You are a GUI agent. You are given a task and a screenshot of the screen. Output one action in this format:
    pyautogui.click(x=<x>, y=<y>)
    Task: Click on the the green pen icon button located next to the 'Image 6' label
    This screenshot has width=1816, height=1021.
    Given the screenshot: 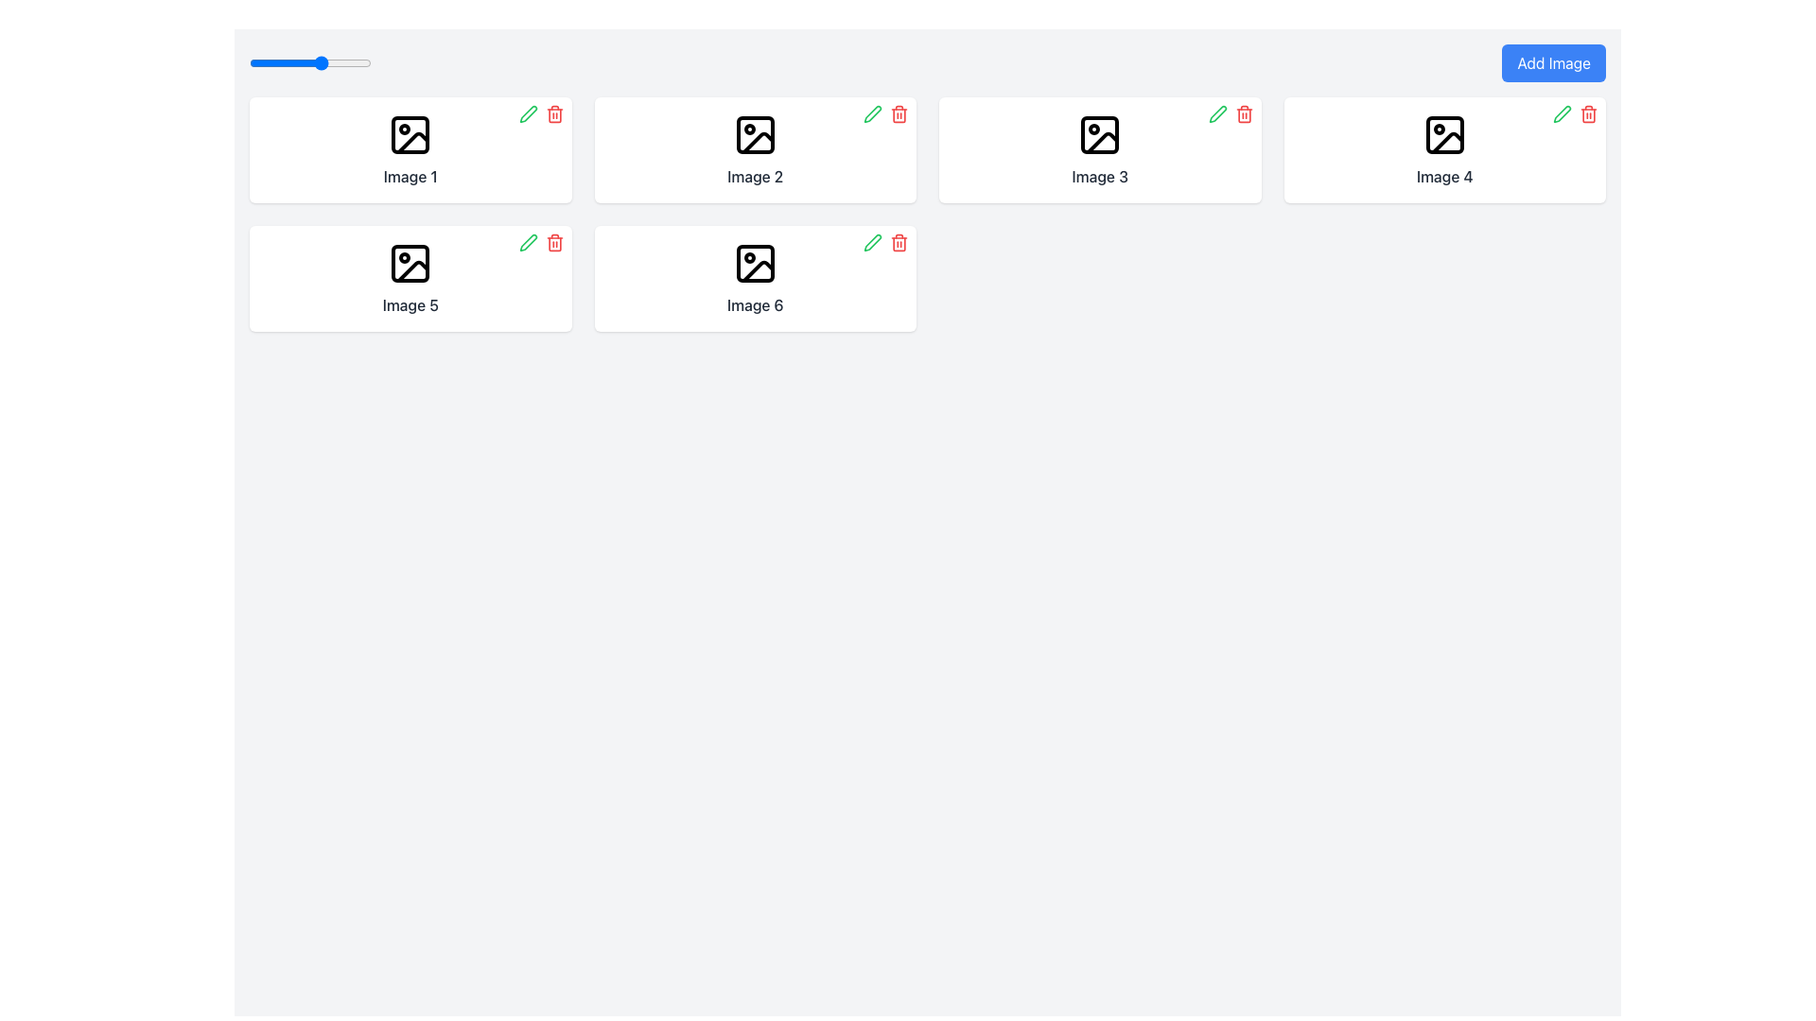 What is the action you would take?
    pyautogui.click(x=871, y=240)
    